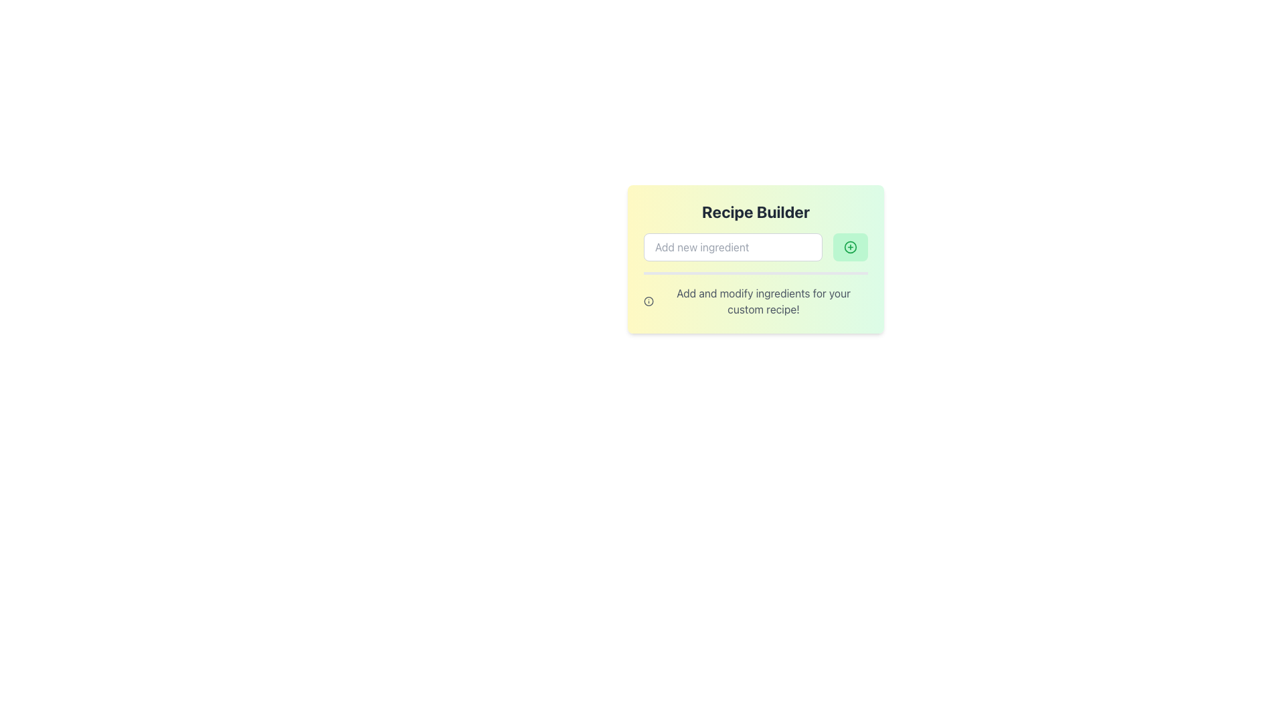  Describe the element at coordinates (764, 302) in the screenshot. I see `the instructional text element stating 'Add and modify ingredients for your custom recipe!', which is styled with gray text and is part of the 'Recipe Builder' box` at that location.